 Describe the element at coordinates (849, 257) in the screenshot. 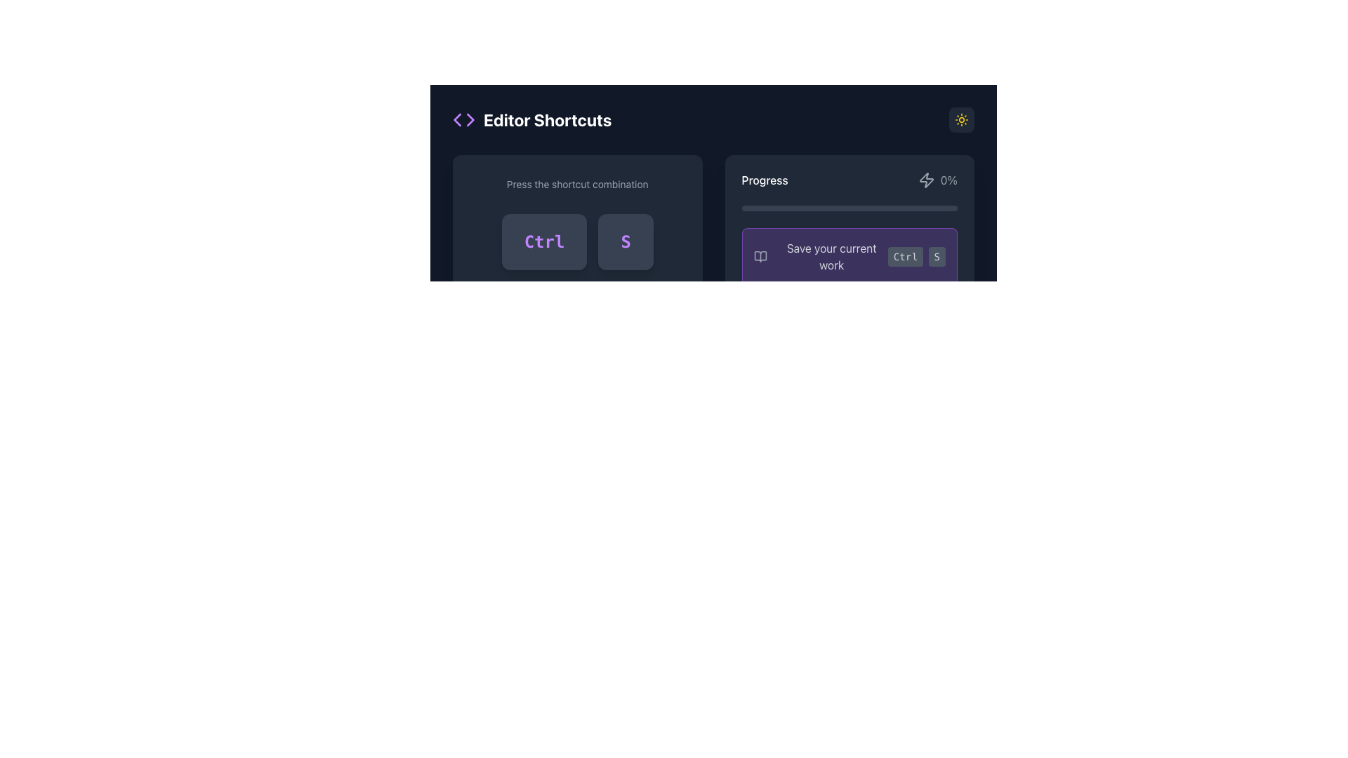

I see `the 'Ctrl' button on the Shortcut panel, which has a rounded rectangle shape with a purple border, an open book icon, and the text 'Save your current work'` at that location.